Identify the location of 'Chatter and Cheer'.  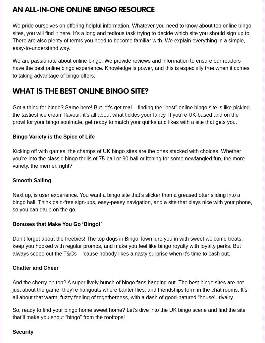
(12, 267).